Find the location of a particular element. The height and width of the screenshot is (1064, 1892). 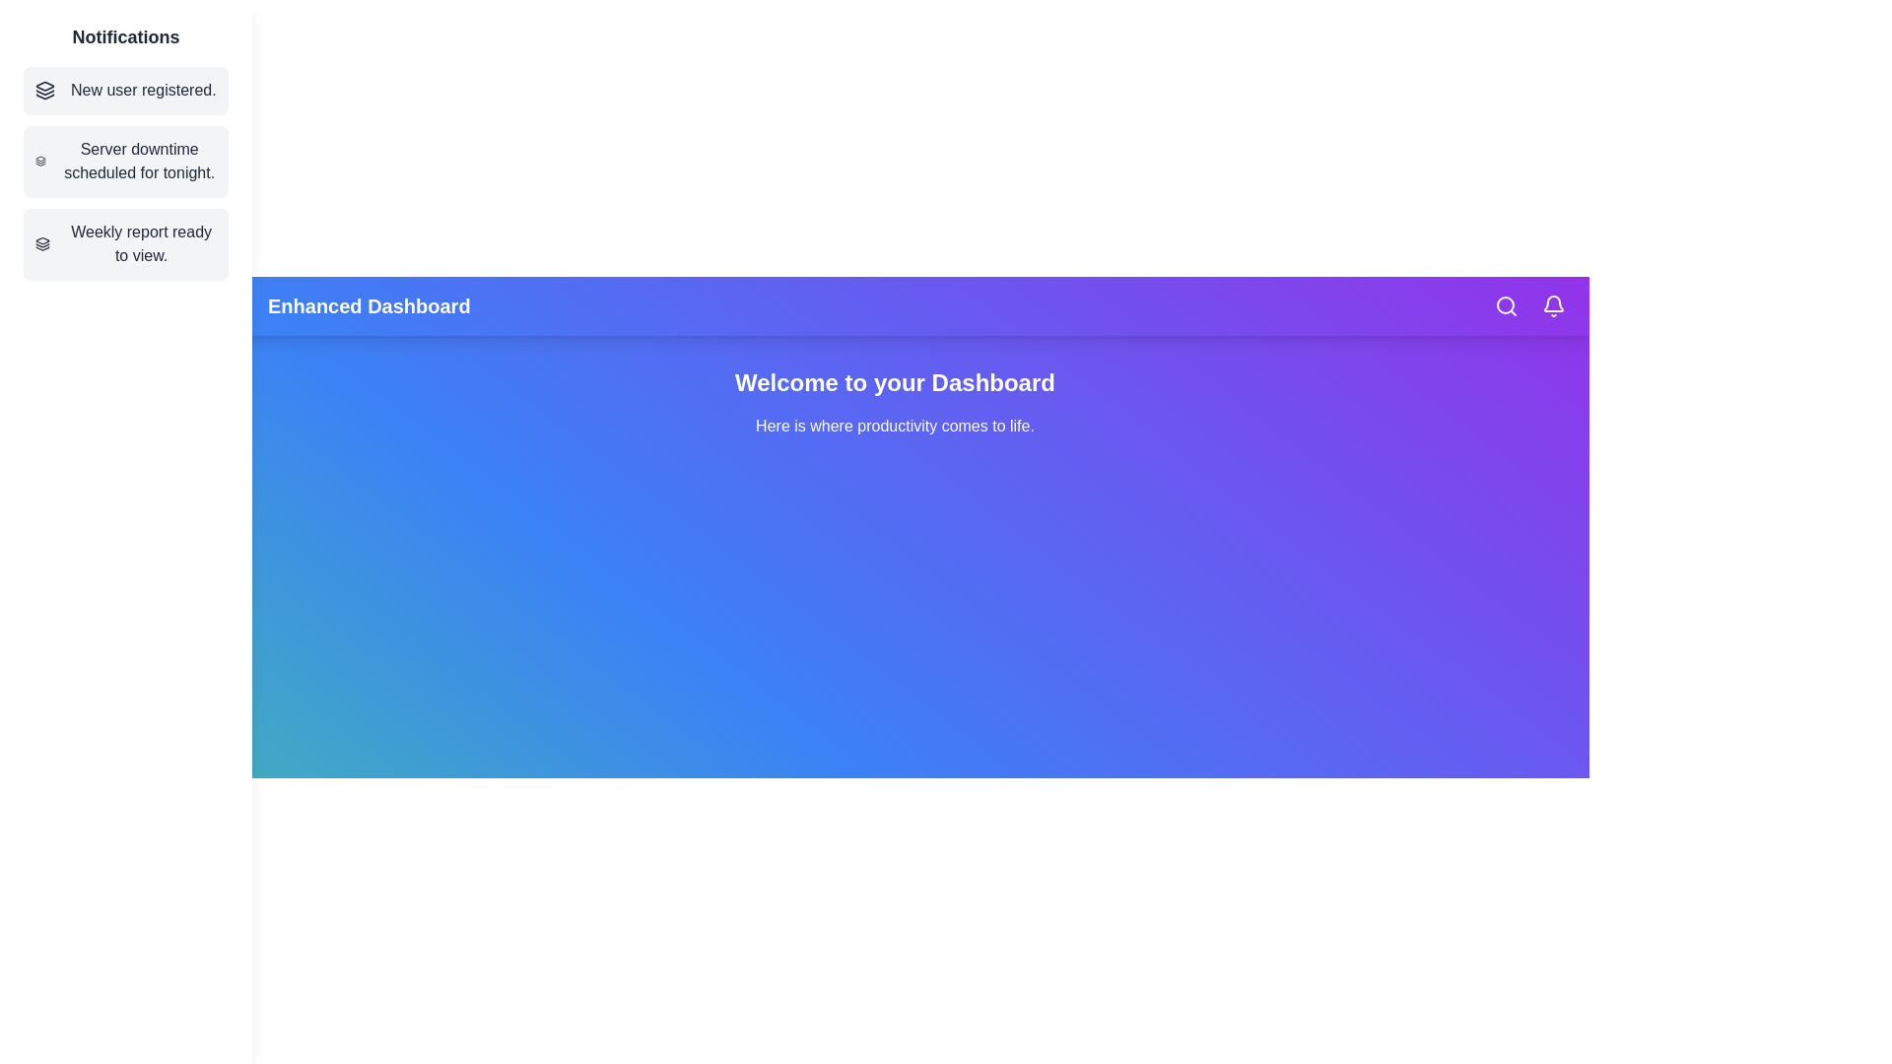

the main content text to interact with it is located at coordinates (894, 401).